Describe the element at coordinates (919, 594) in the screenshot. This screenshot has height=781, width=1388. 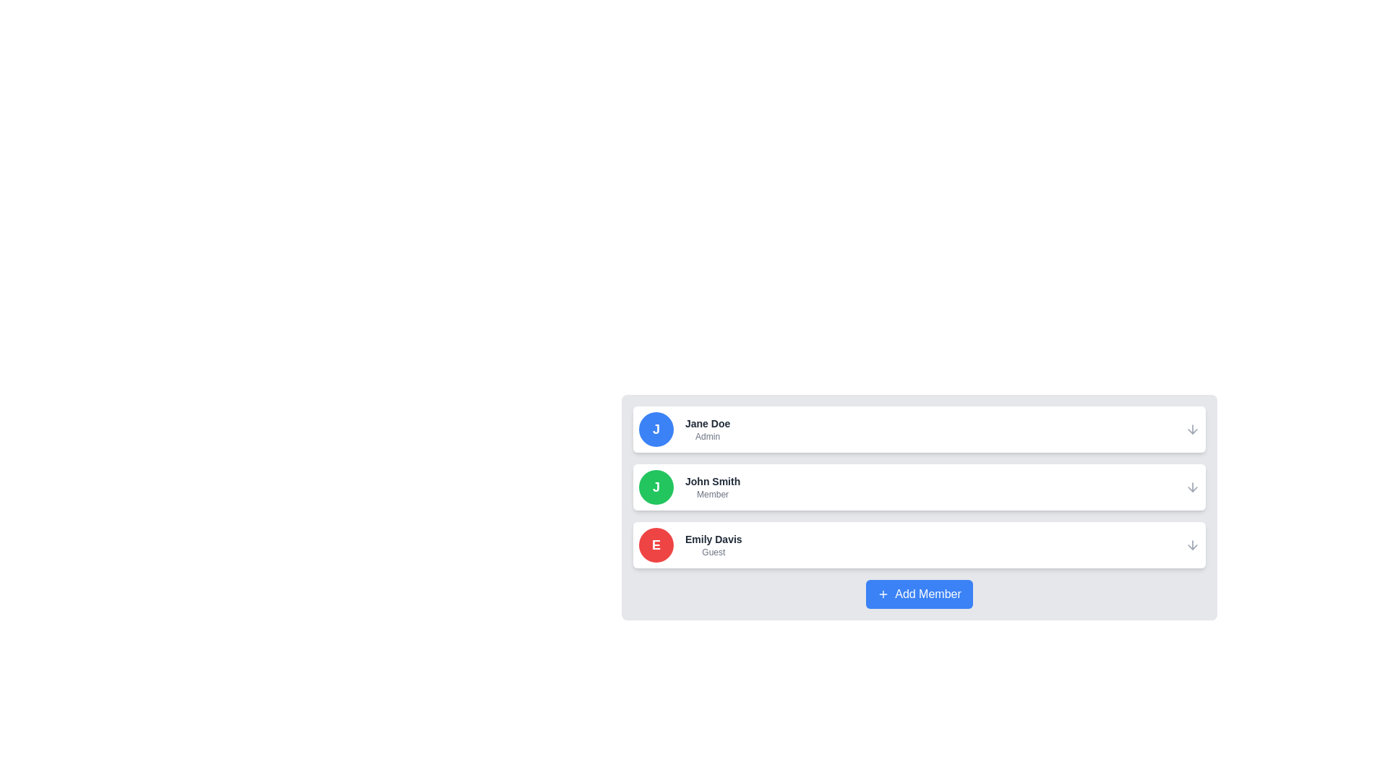
I see `the 'Add Member' button, which is a rectangular button with a blue background, rounded corners, and white text` at that location.